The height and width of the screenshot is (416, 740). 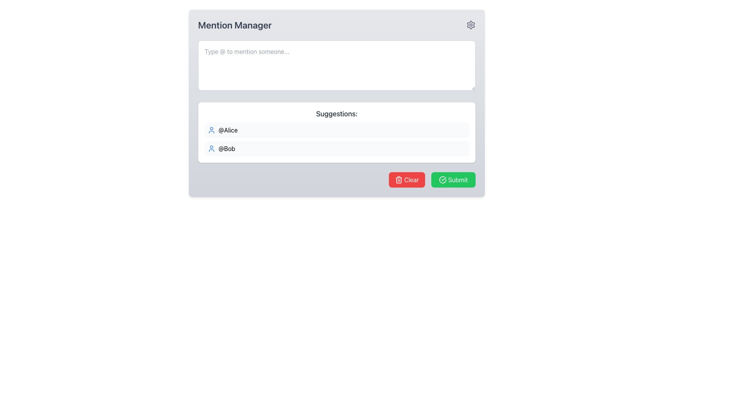 What do you see at coordinates (336, 130) in the screenshot?
I see `the first selectable option item in the 'Suggestions' section` at bounding box center [336, 130].